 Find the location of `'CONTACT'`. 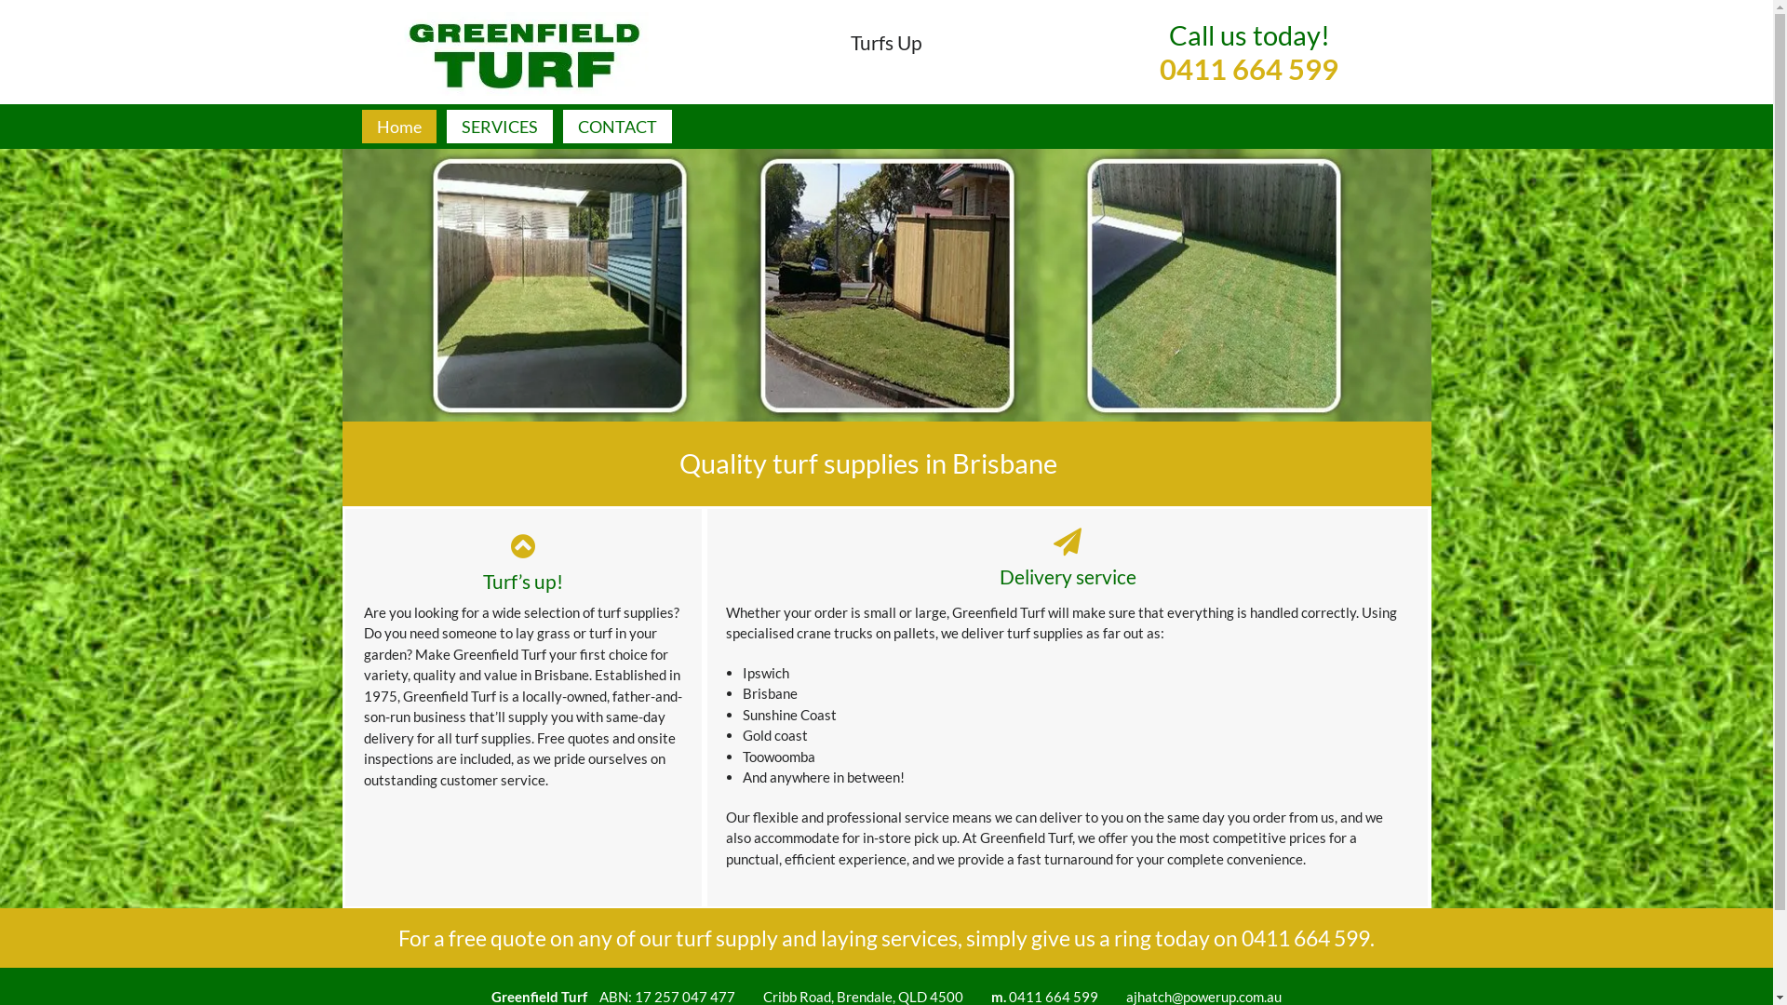

'CONTACT' is located at coordinates (616, 126).